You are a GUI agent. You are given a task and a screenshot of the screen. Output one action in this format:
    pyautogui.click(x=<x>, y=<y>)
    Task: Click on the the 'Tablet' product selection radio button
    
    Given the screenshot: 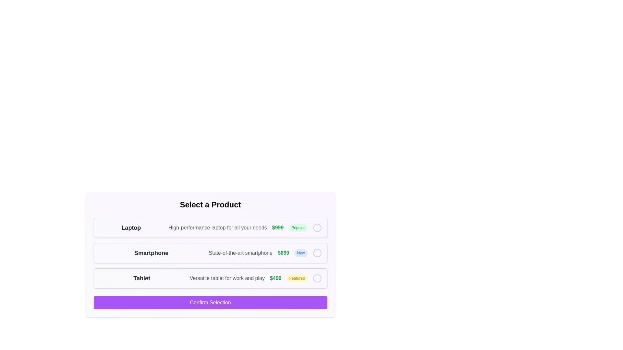 What is the action you would take?
    pyautogui.click(x=317, y=278)
    